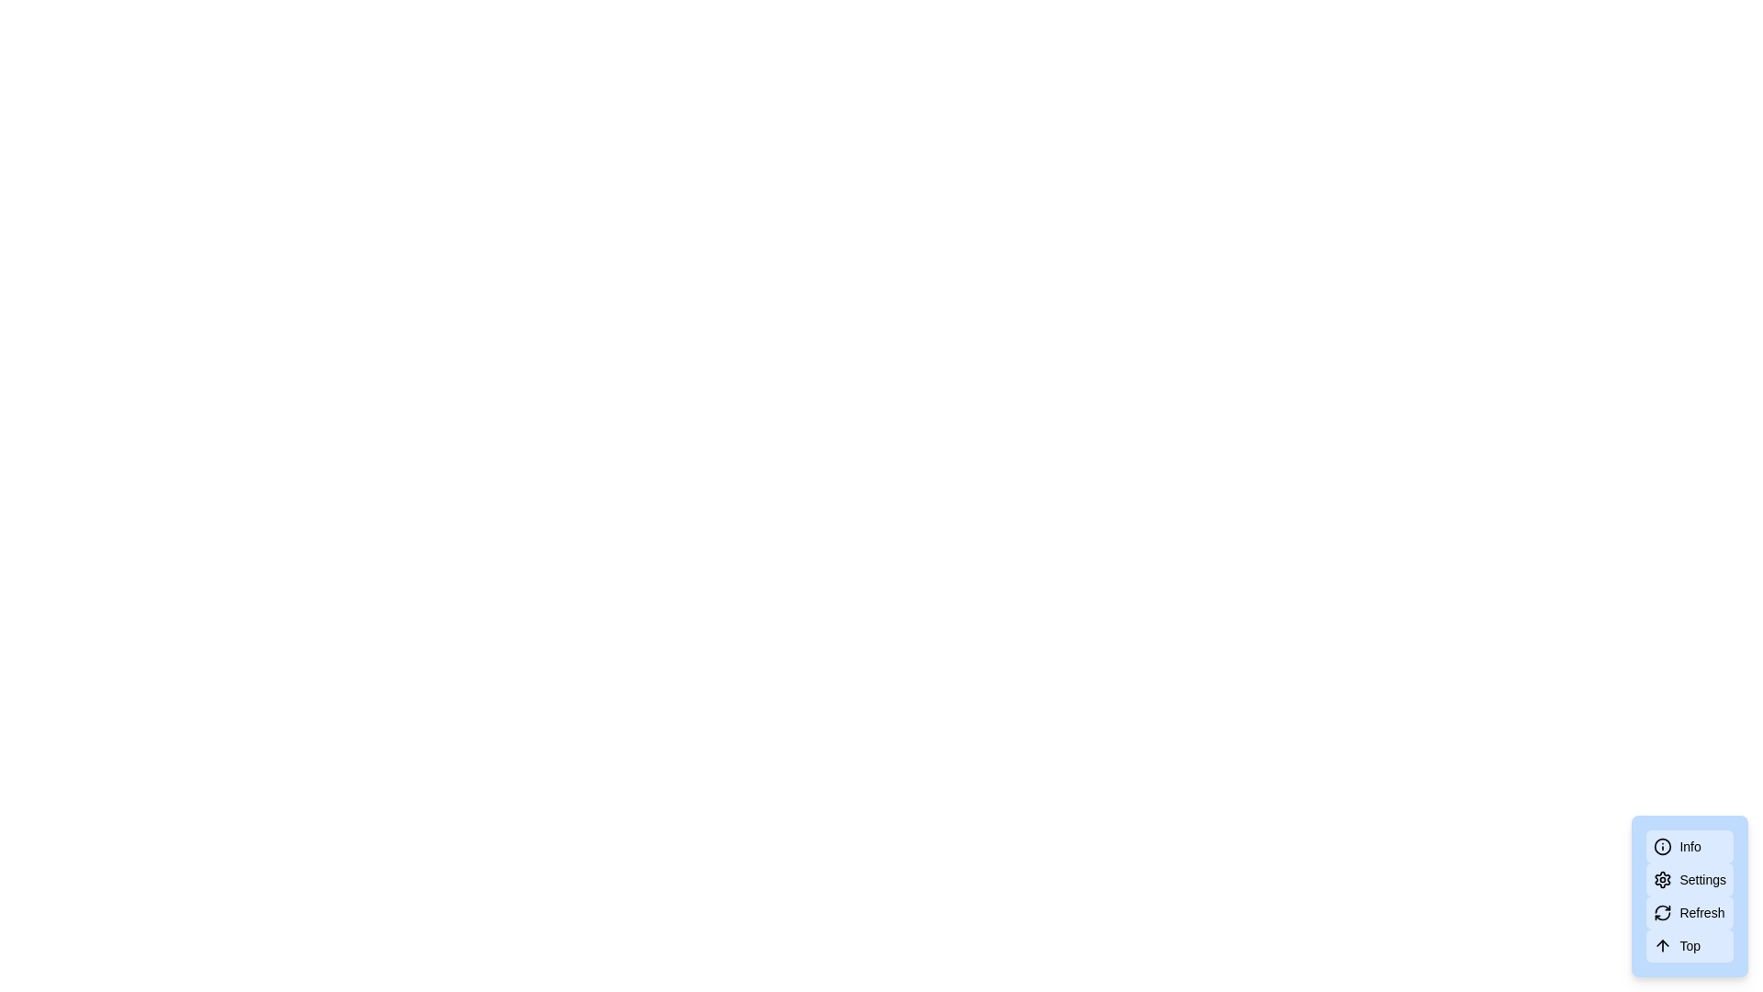  I want to click on the 'Settings' icon, which features a cogwheel and is located in the second position of a vertical menu with options including 'Info', 'Refresh', and 'Top', so click(1663, 878).